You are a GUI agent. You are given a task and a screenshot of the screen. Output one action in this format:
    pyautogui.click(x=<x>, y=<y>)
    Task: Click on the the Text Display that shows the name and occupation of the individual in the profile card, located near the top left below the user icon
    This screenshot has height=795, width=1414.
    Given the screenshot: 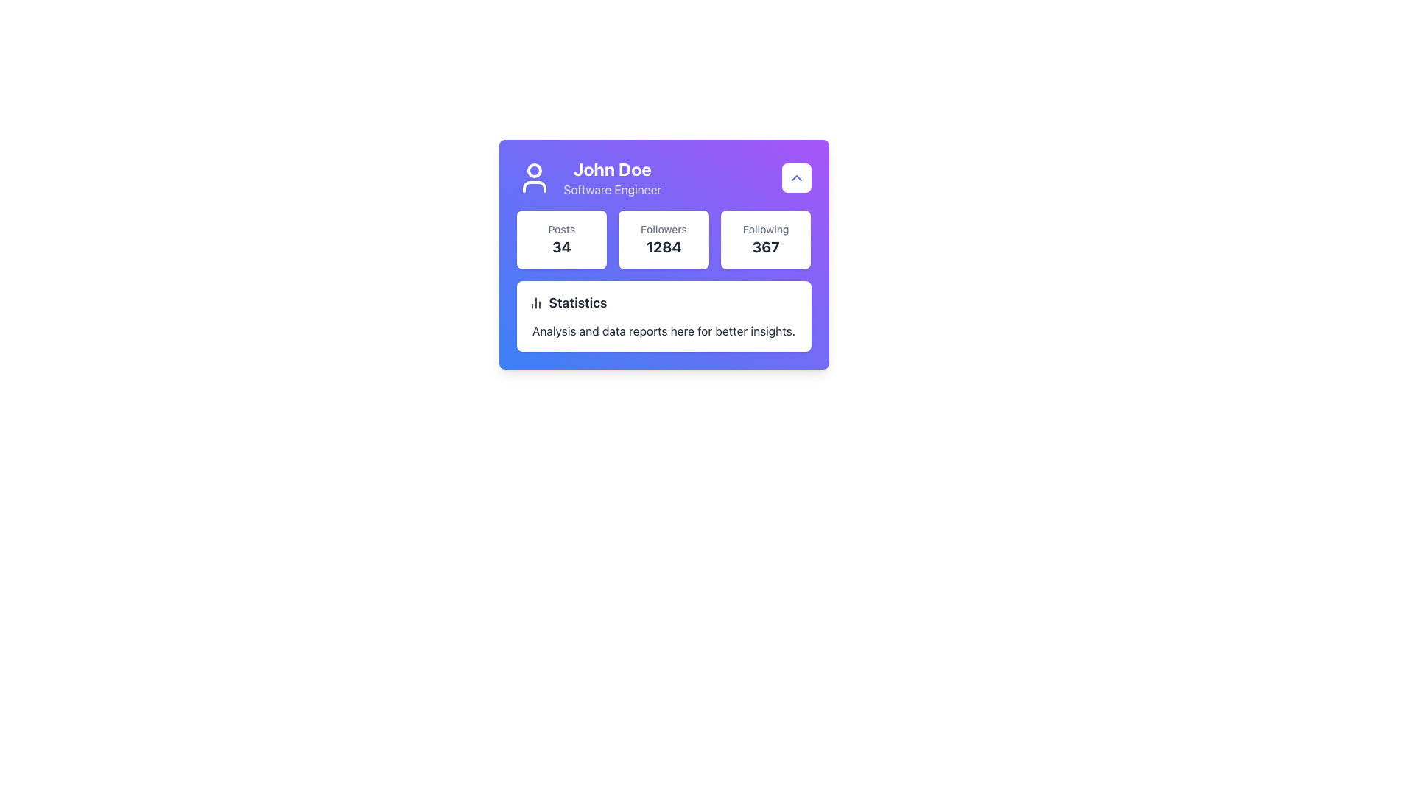 What is the action you would take?
    pyautogui.click(x=612, y=177)
    